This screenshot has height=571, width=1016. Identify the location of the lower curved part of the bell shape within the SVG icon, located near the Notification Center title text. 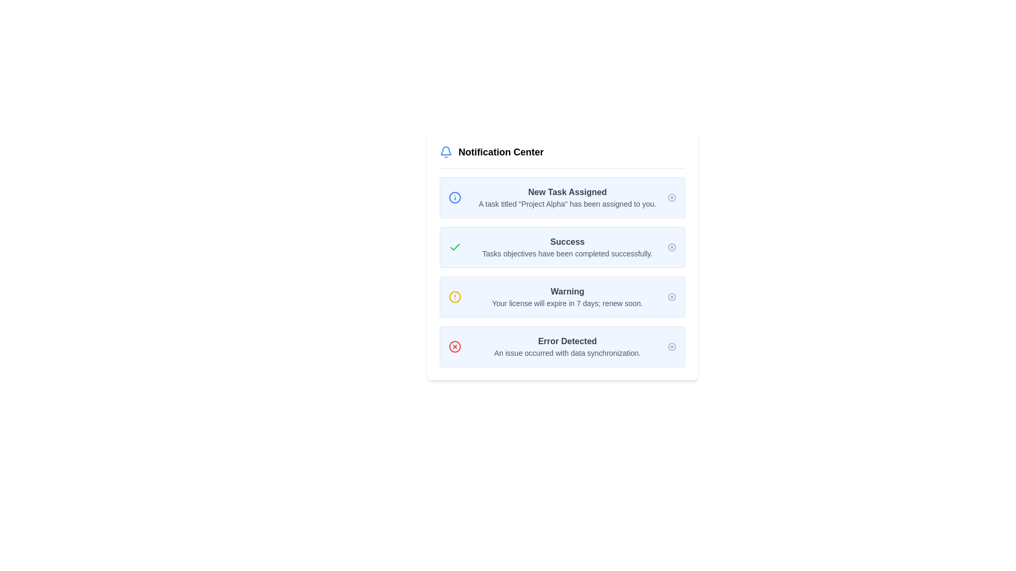
(446, 151).